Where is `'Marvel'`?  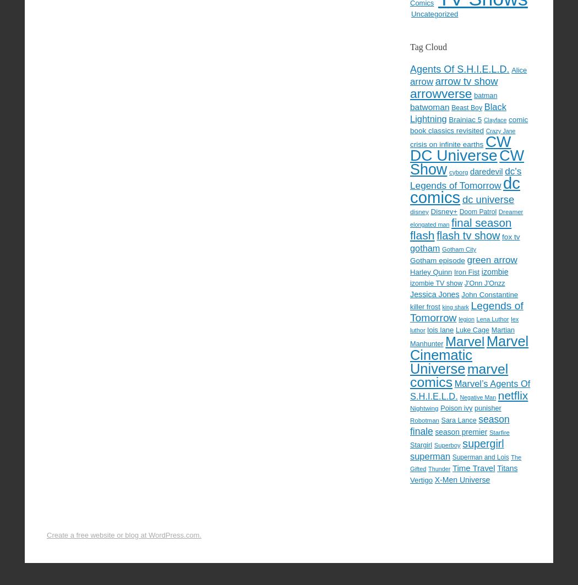
'Marvel' is located at coordinates (465, 341).